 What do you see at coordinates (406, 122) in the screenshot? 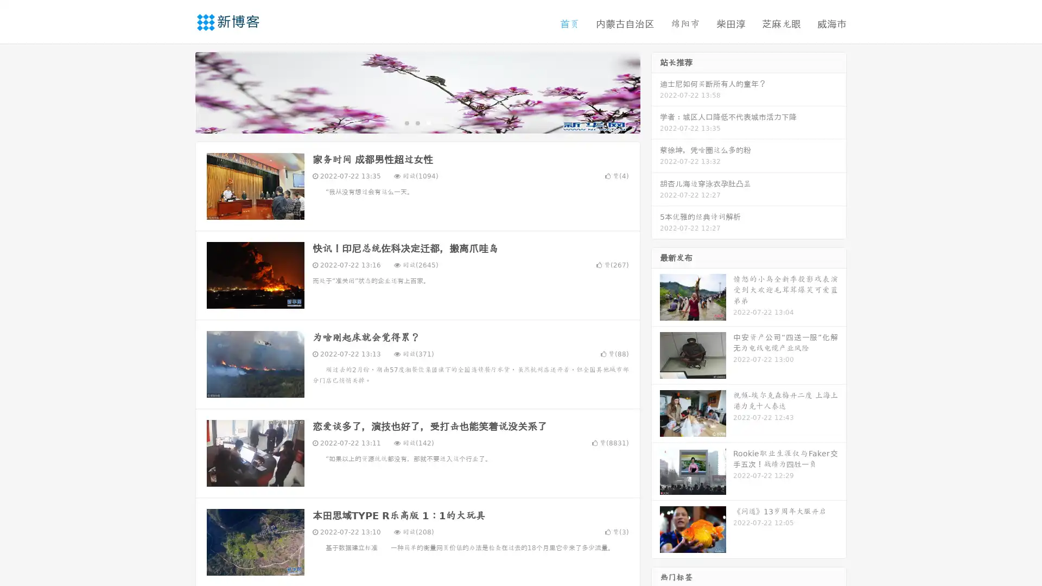
I see `Go to slide 1` at bounding box center [406, 122].